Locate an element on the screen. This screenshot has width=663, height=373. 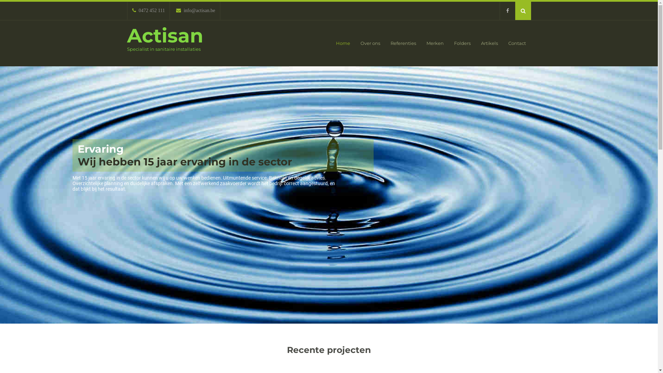
'facebook' is located at coordinates (507, 11).